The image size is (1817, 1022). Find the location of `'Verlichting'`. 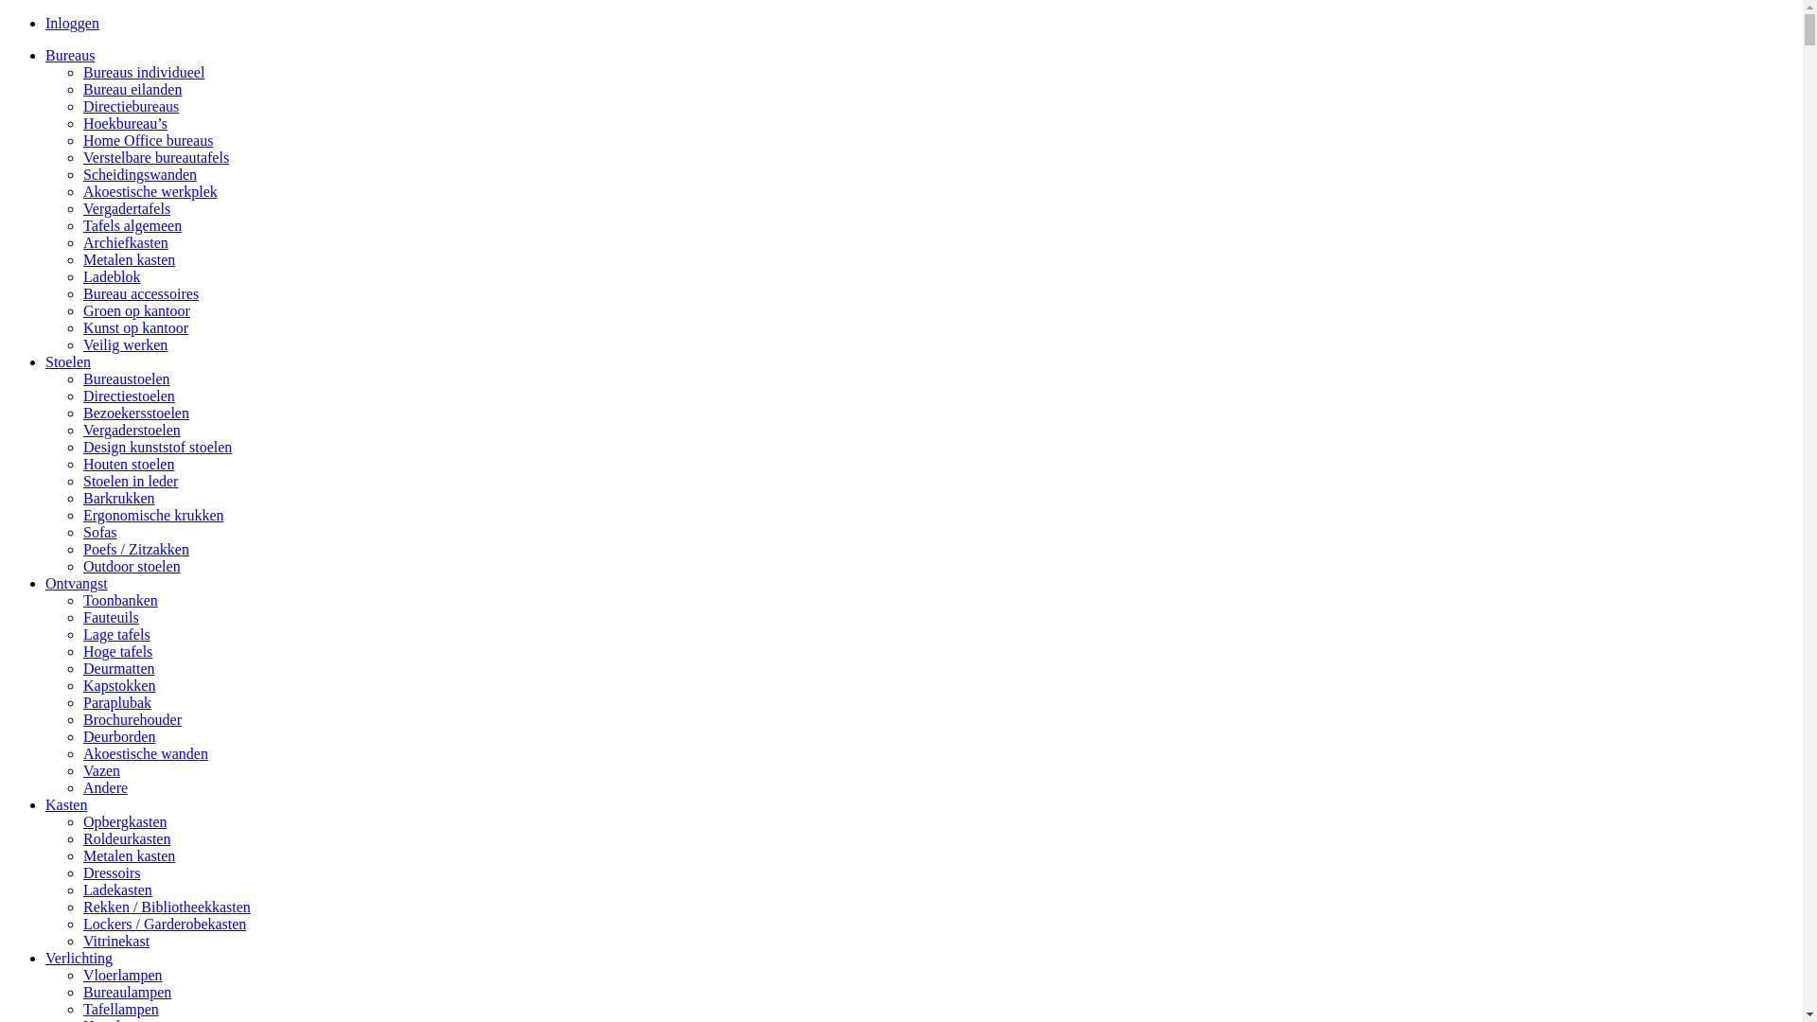

'Verlichting' is located at coordinates (78, 958).